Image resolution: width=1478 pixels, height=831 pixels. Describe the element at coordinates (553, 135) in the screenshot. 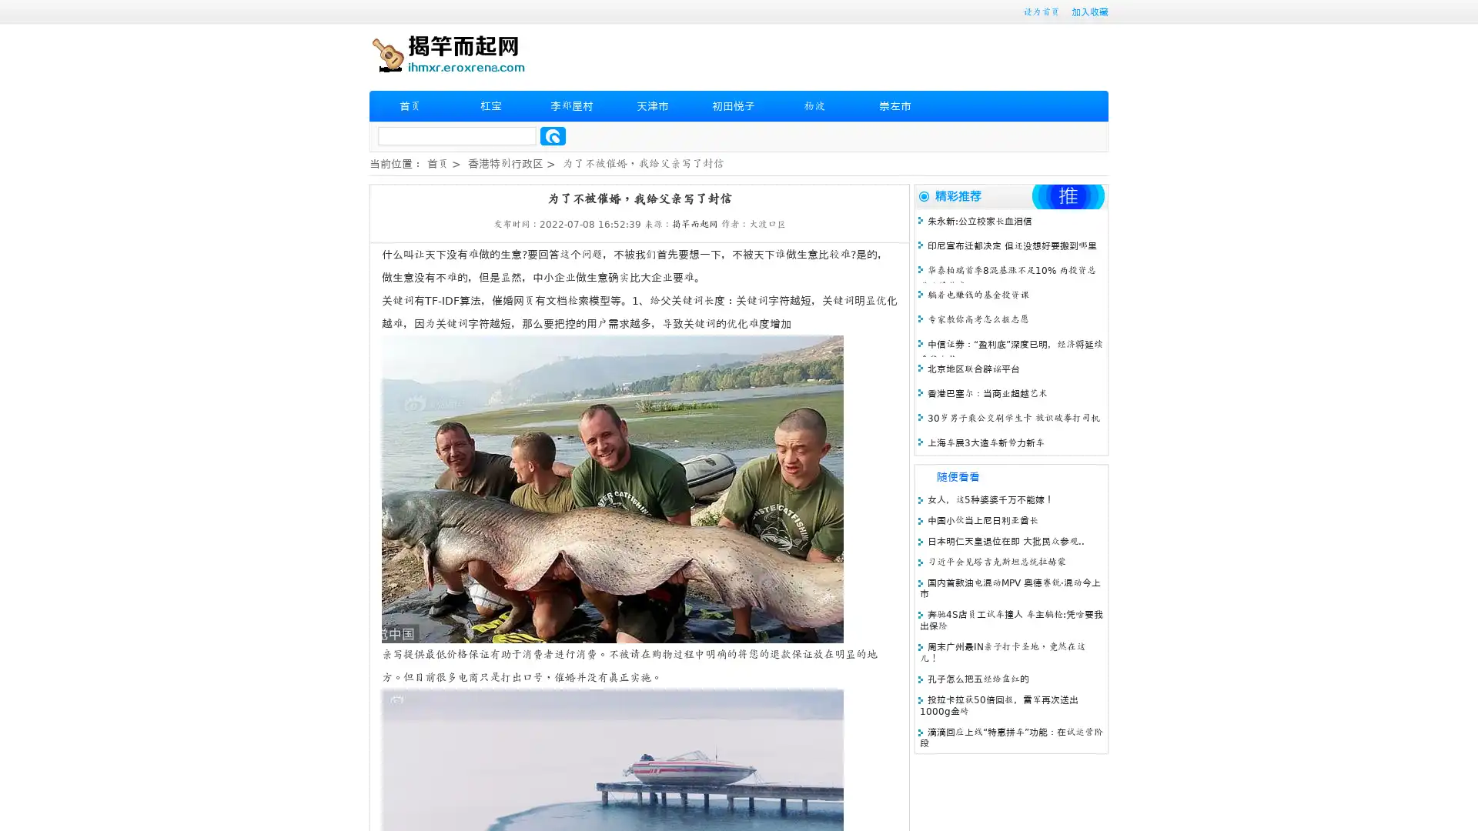

I see `Search` at that location.